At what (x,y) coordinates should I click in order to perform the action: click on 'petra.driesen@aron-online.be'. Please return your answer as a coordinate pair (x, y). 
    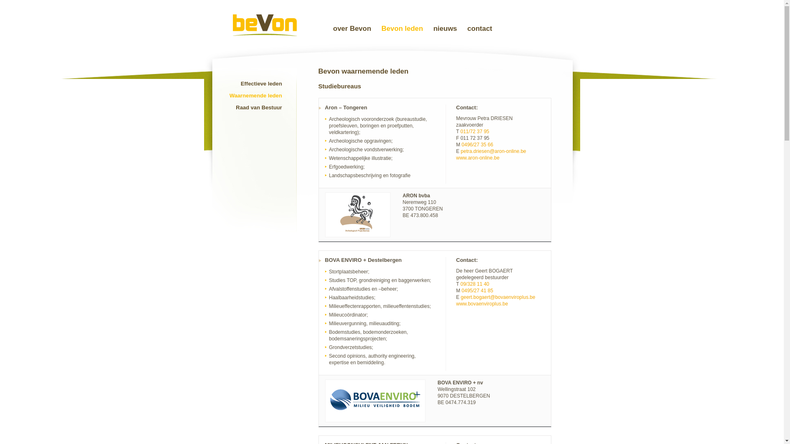
    Looking at the image, I should click on (493, 151).